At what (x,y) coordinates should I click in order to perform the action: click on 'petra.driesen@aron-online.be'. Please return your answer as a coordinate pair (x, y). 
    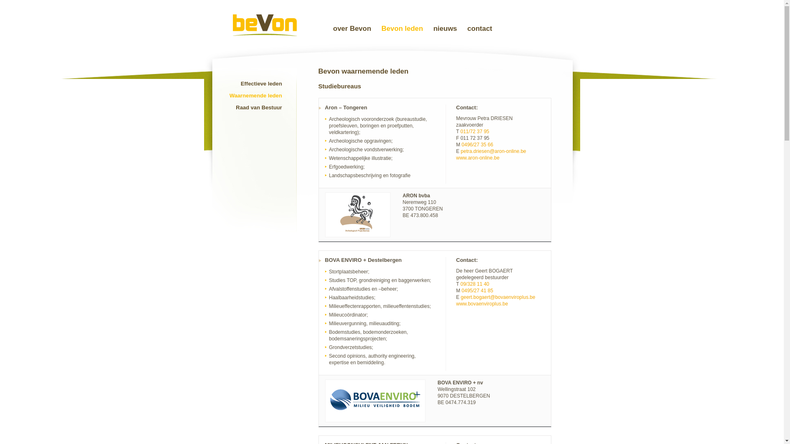
    Looking at the image, I should click on (493, 151).